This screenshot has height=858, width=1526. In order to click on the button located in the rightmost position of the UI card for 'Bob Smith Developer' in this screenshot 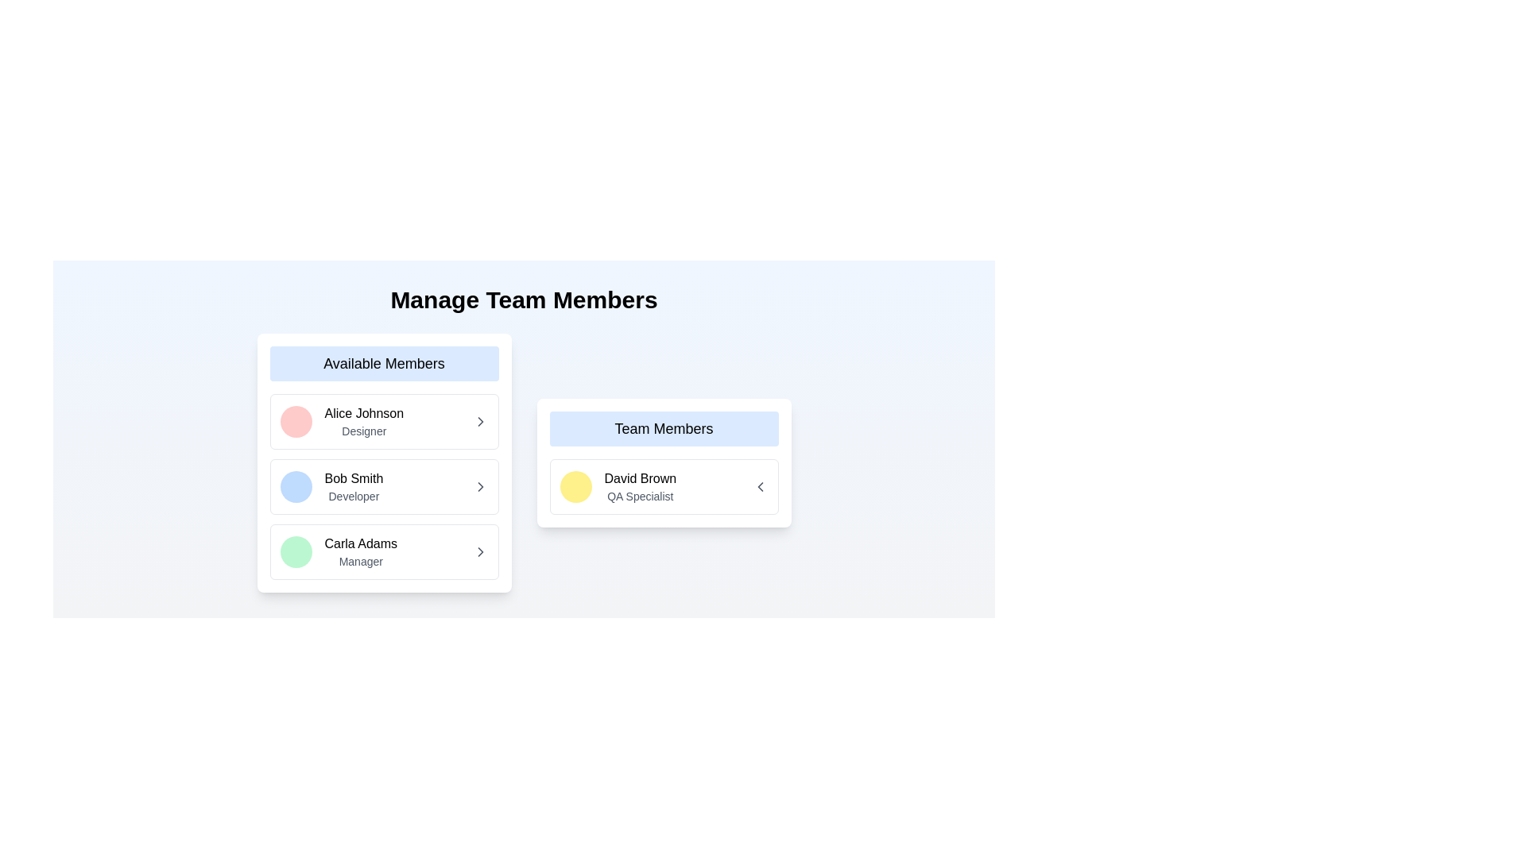, I will do `click(479, 486)`.